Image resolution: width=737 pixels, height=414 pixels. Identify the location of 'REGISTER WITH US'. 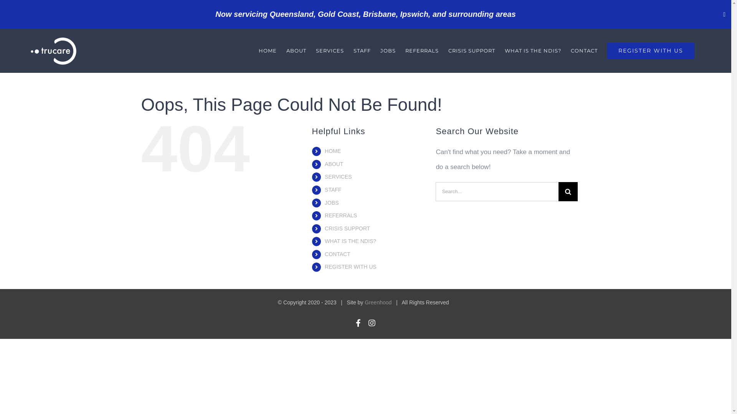
(350, 266).